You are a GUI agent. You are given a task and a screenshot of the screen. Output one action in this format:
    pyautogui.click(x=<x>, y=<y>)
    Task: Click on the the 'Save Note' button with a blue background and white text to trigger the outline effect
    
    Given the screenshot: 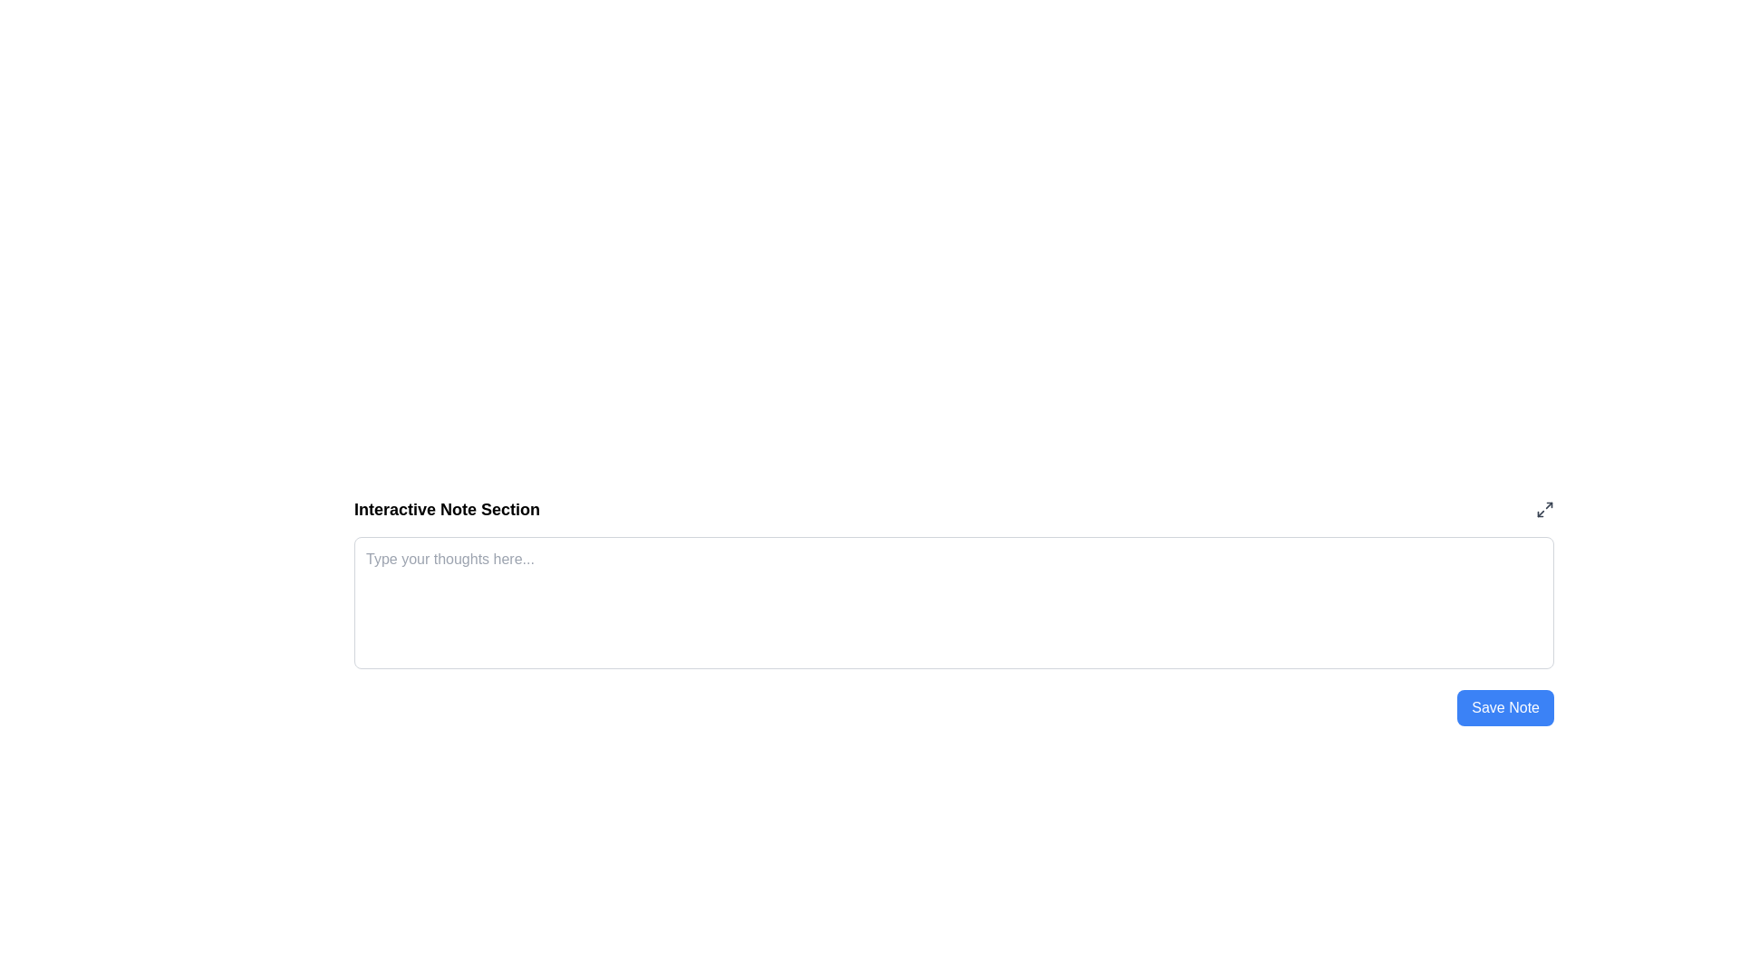 What is the action you would take?
    pyautogui.click(x=1505, y=707)
    